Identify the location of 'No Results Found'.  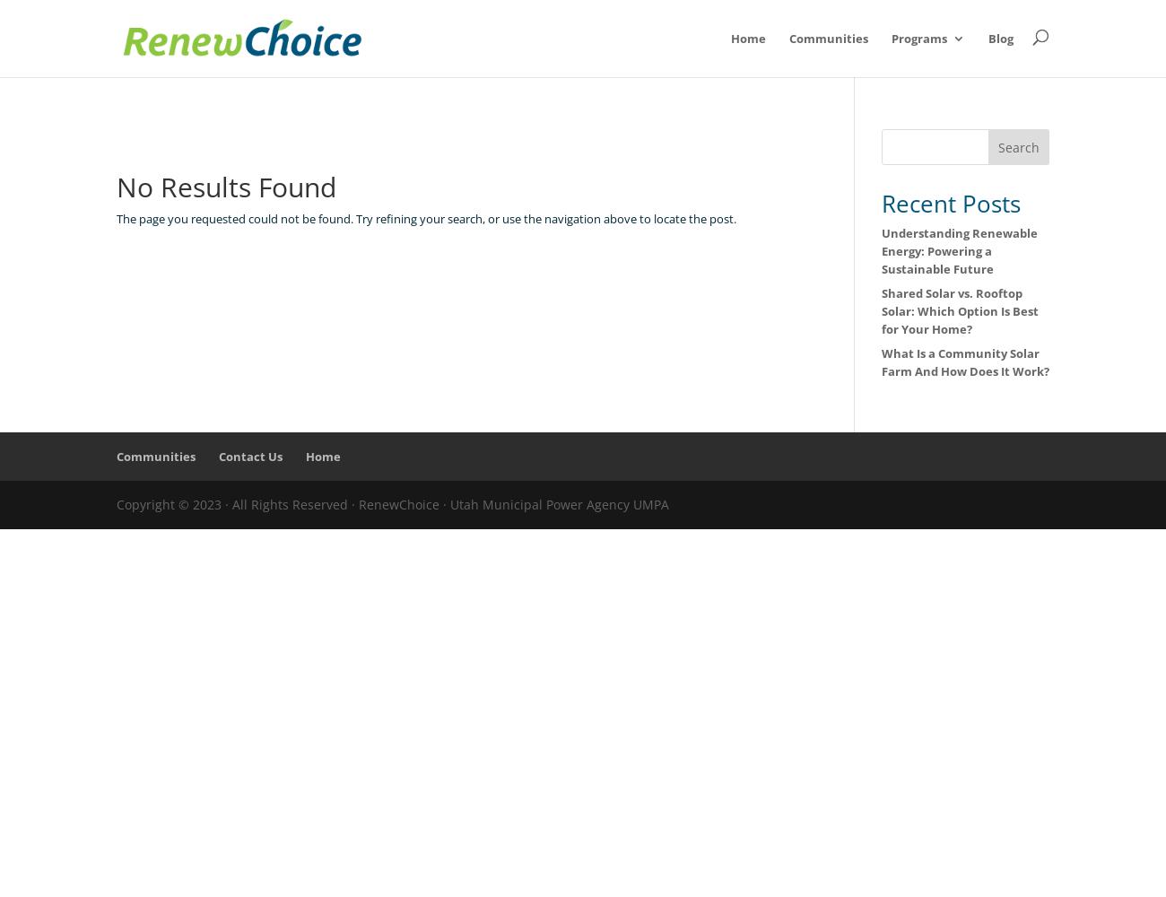
(225, 186).